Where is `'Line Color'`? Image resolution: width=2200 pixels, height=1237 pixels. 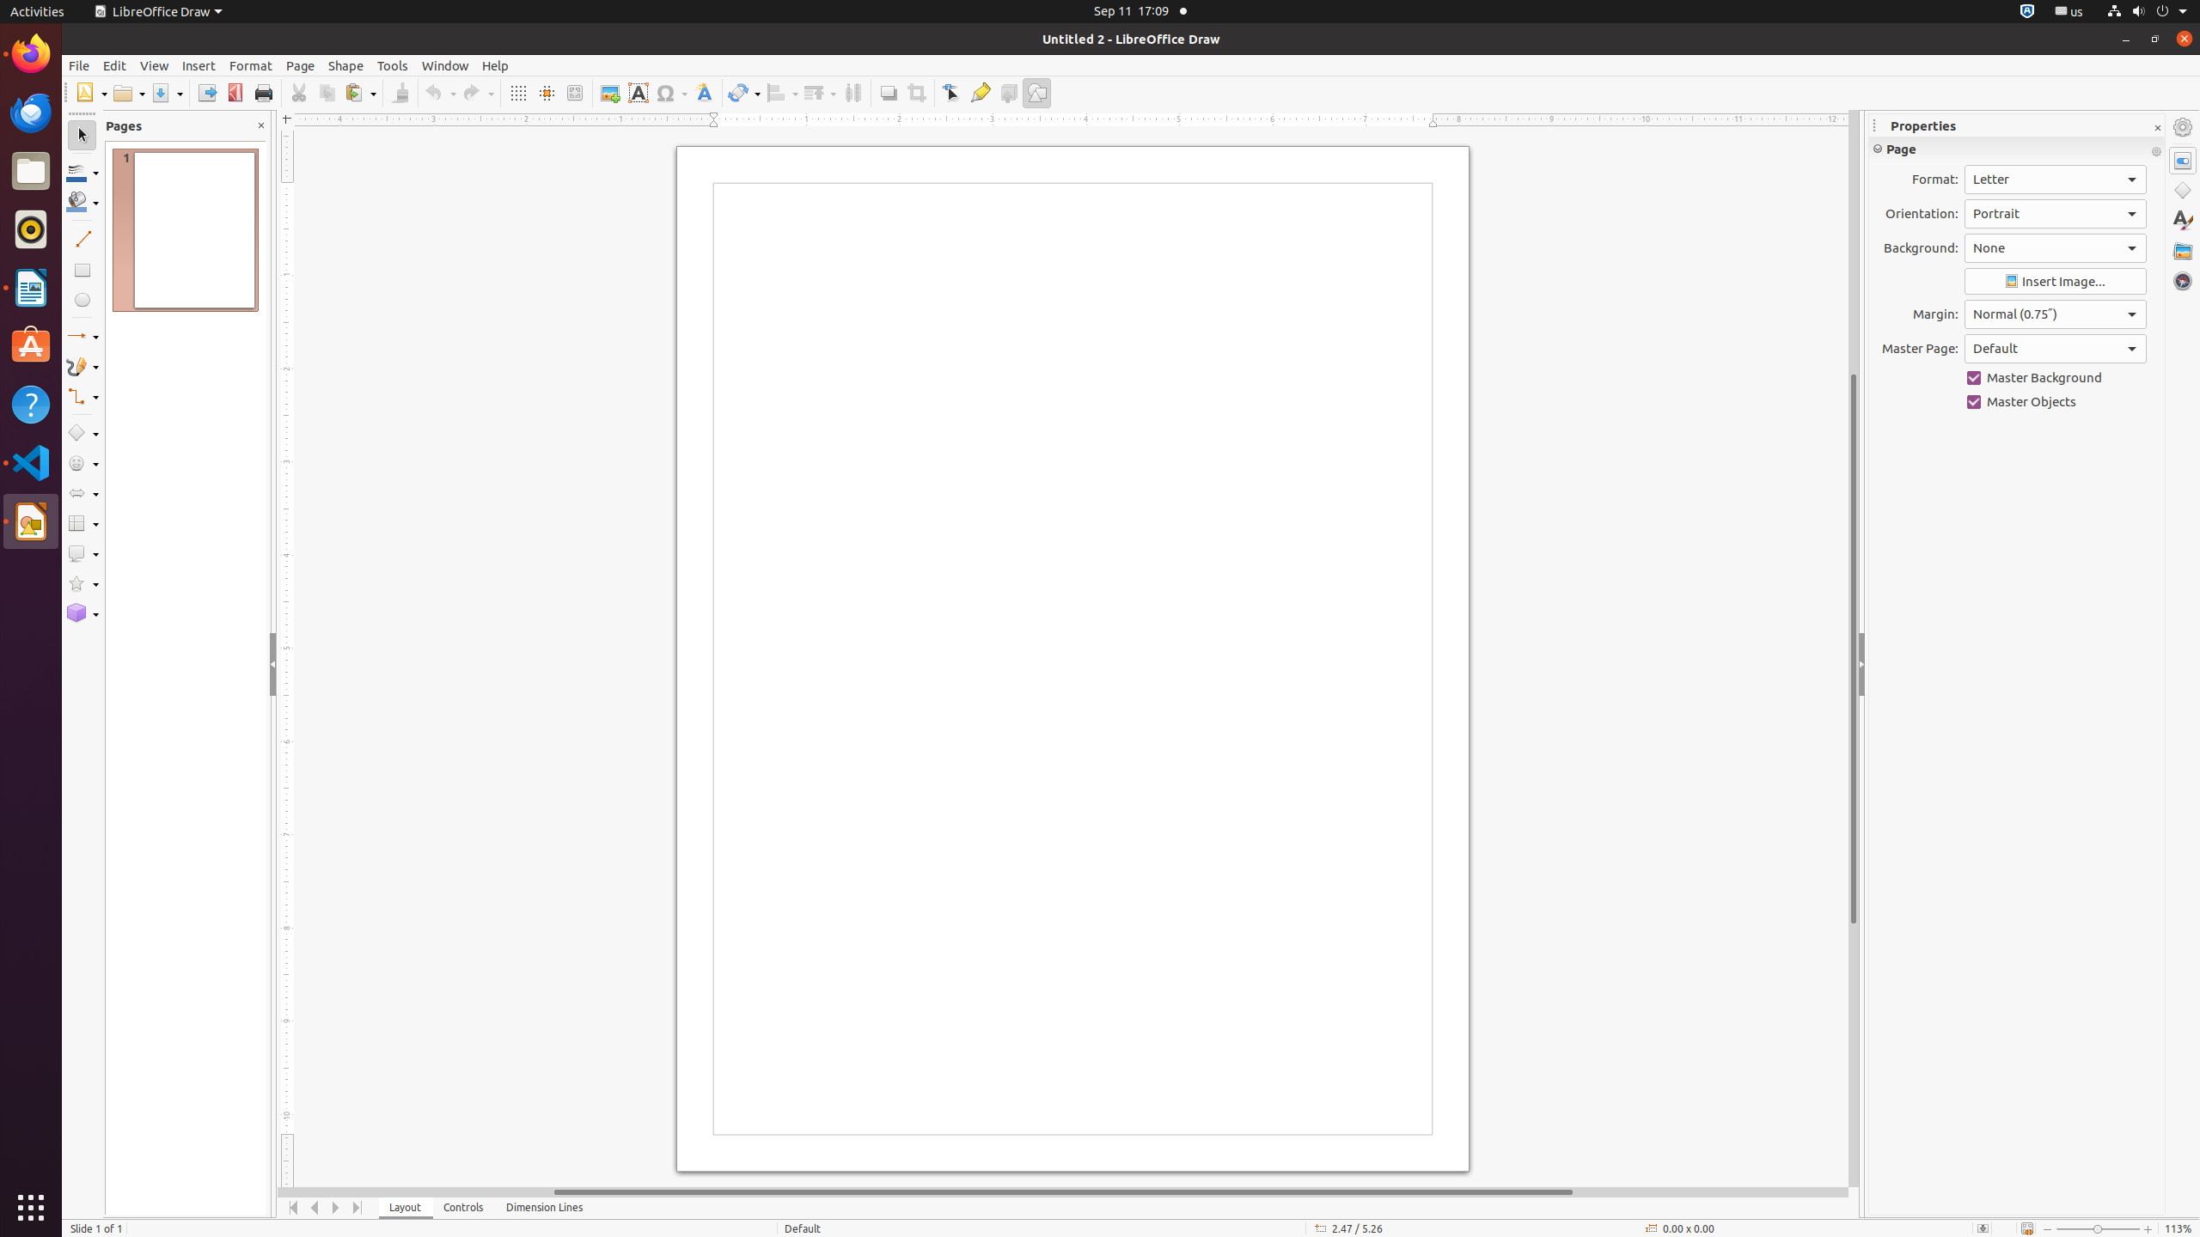 'Line Color' is located at coordinates (82, 171).